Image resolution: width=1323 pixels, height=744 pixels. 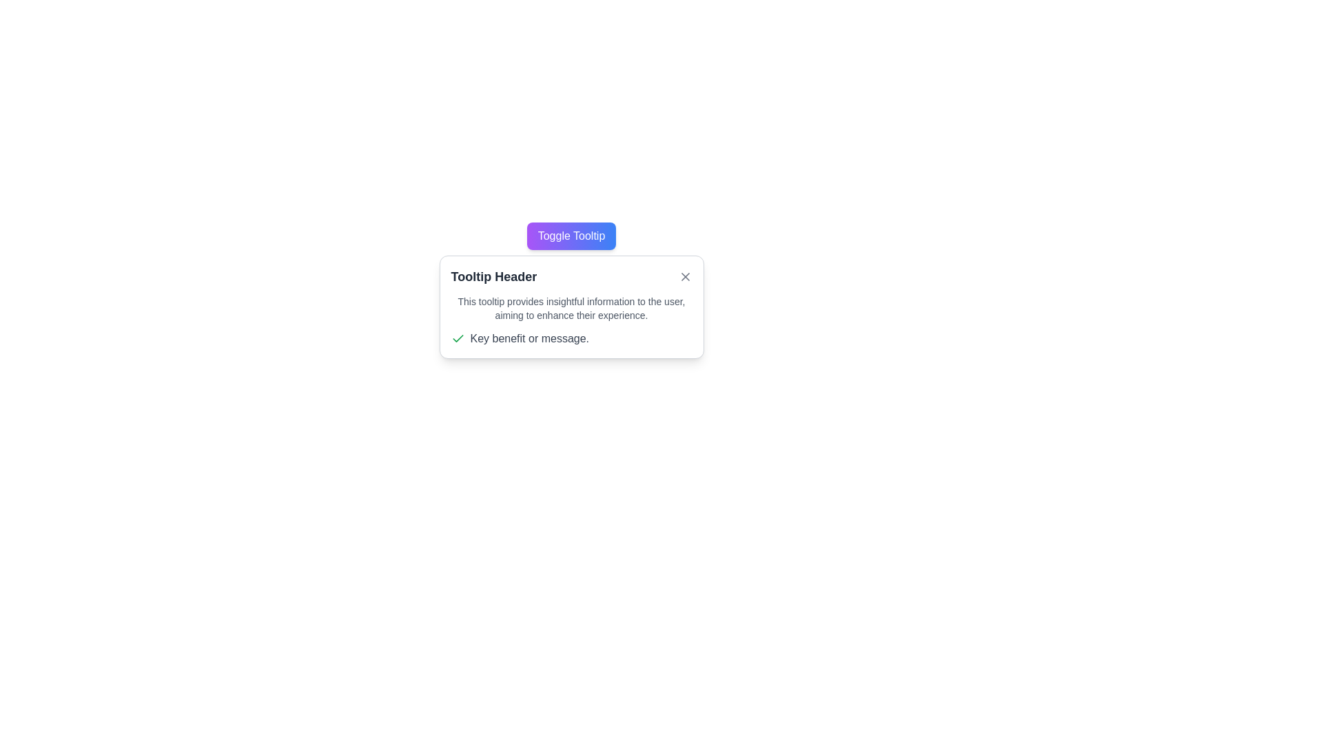 I want to click on the confirmation icon located in the tooltip section adjacent to the descriptive text, so click(x=458, y=339).